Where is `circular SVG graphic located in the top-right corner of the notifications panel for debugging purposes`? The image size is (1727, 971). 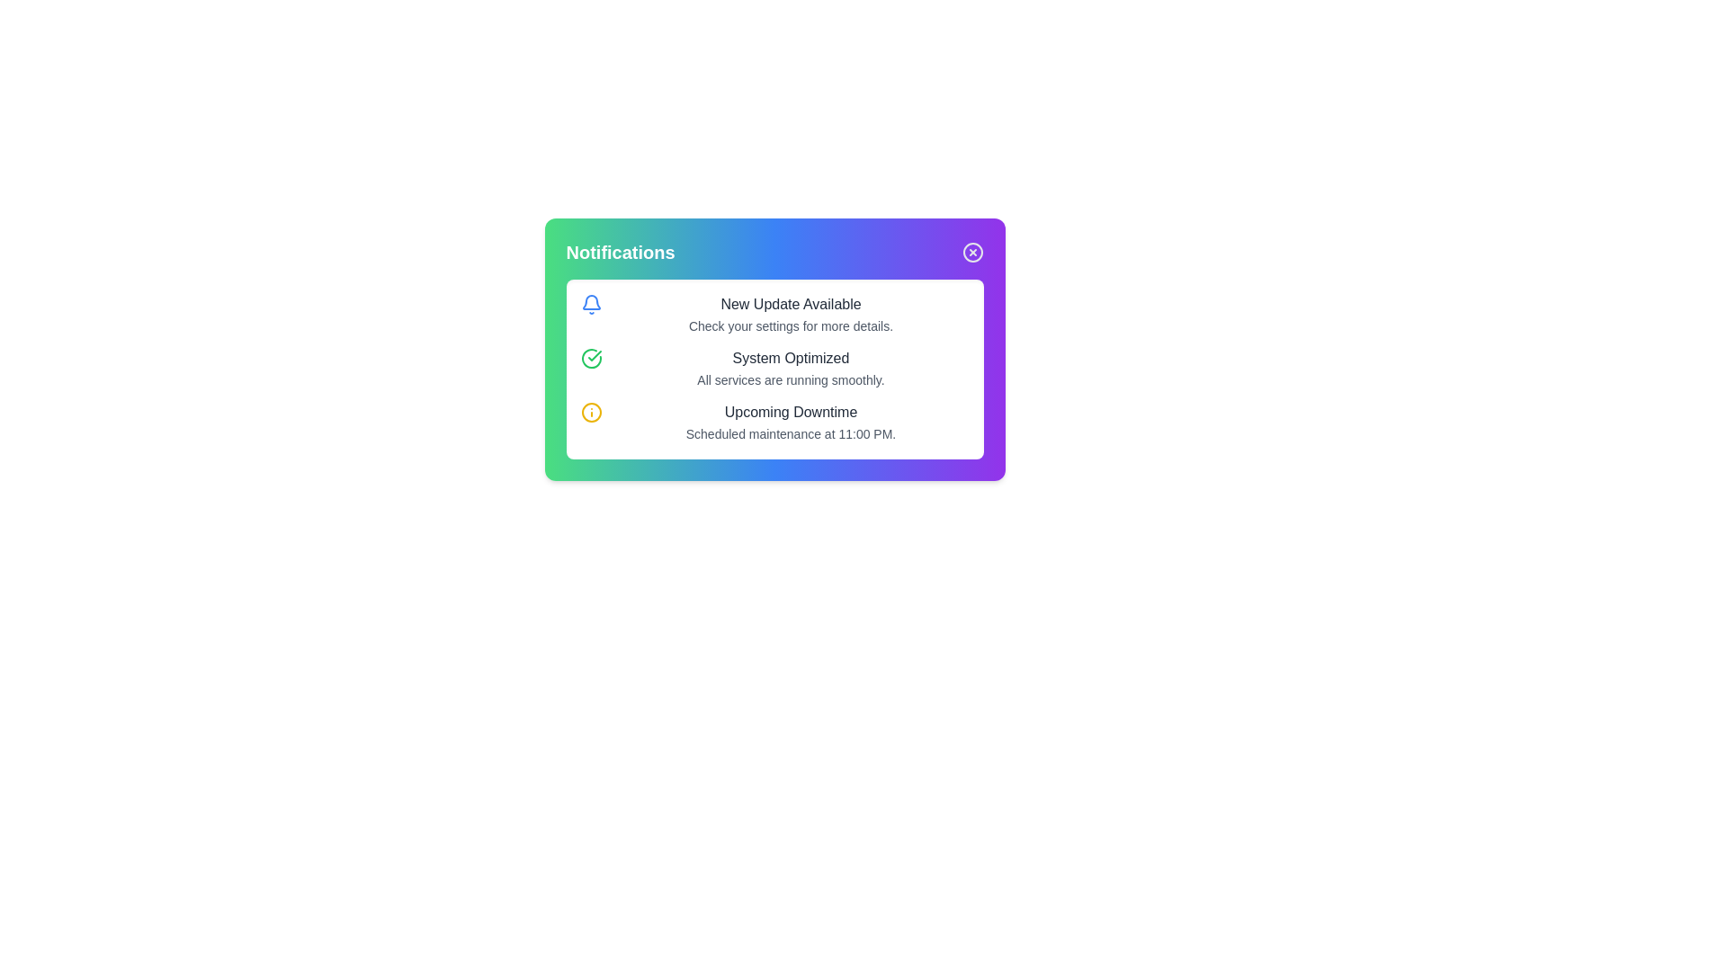
circular SVG graphic located in the top-right corner of the notifications panel for debugging purposes is located at coordinates (971, 253).